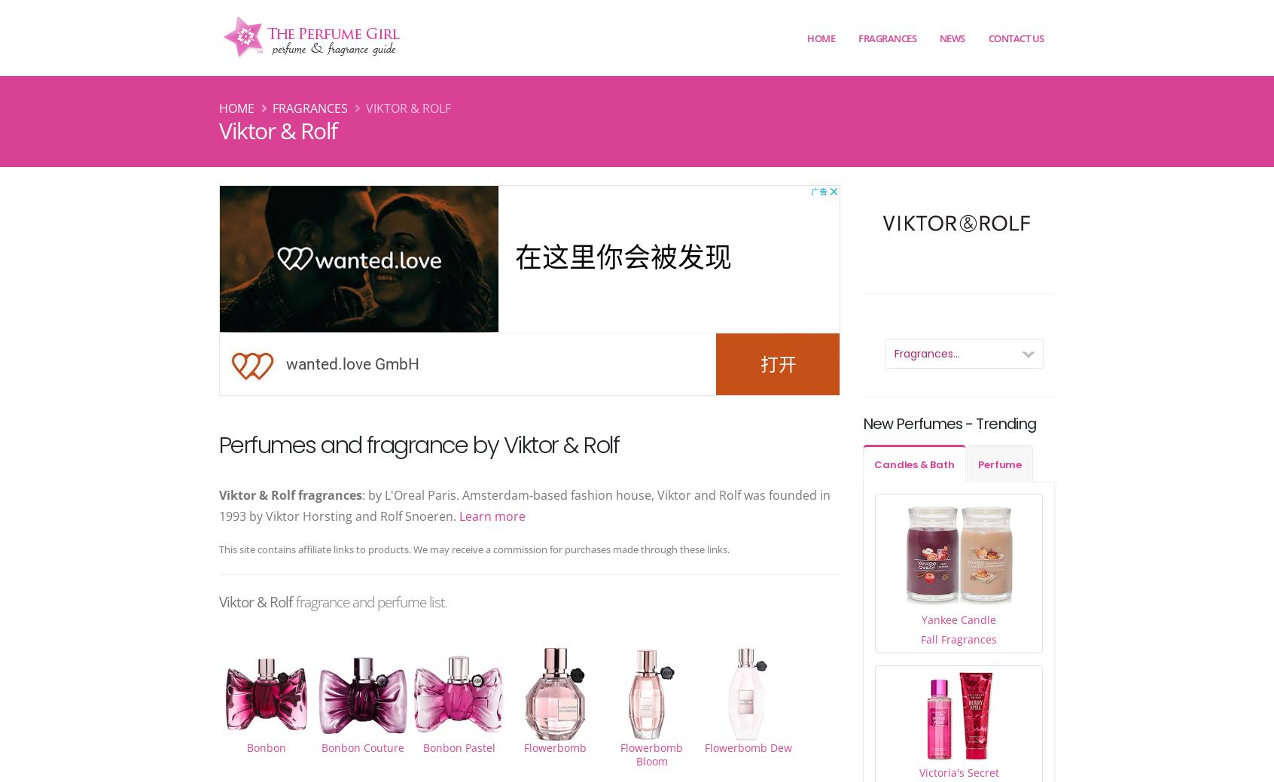  I want to click on 'Yankee Candle', so click(958, 618).